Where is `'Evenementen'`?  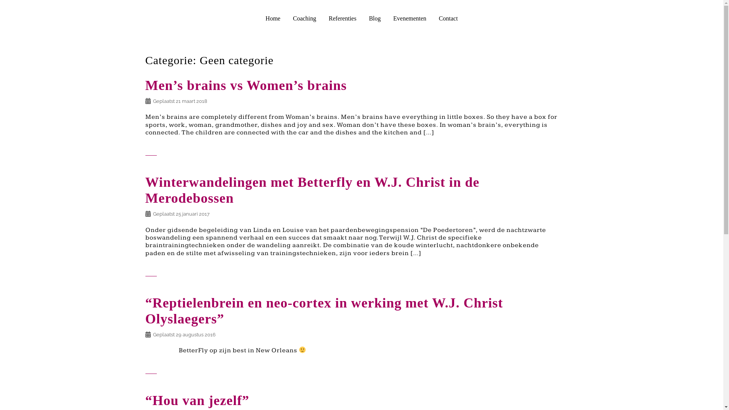 'Evenementen' is located at coordinates (409, 18).